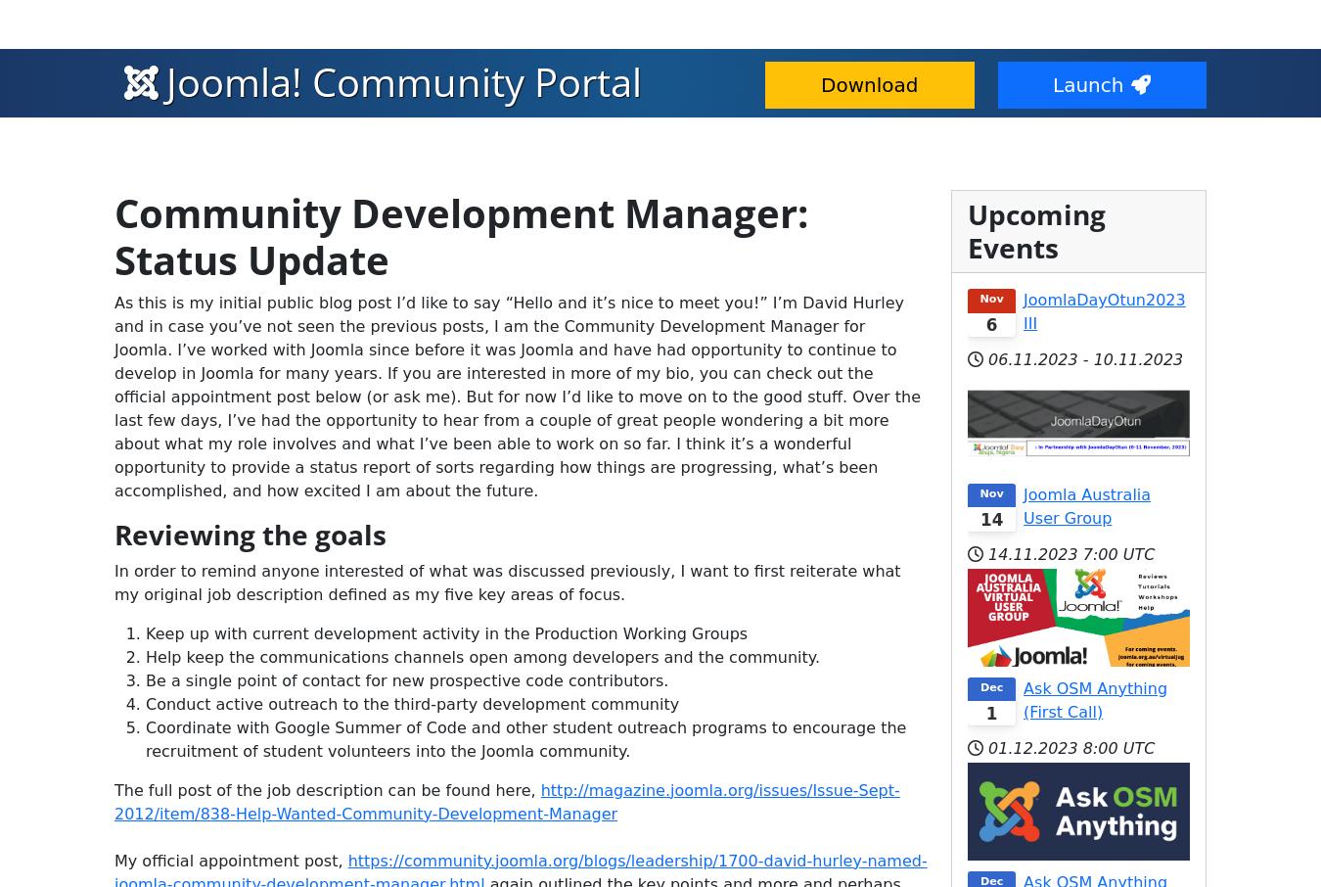 The height and width of the screenshot is (887, 1321). What do you see at coordinates (622, 23) in the screenshot?
I see `'Community & Support'` at bounding box center [622, 23].